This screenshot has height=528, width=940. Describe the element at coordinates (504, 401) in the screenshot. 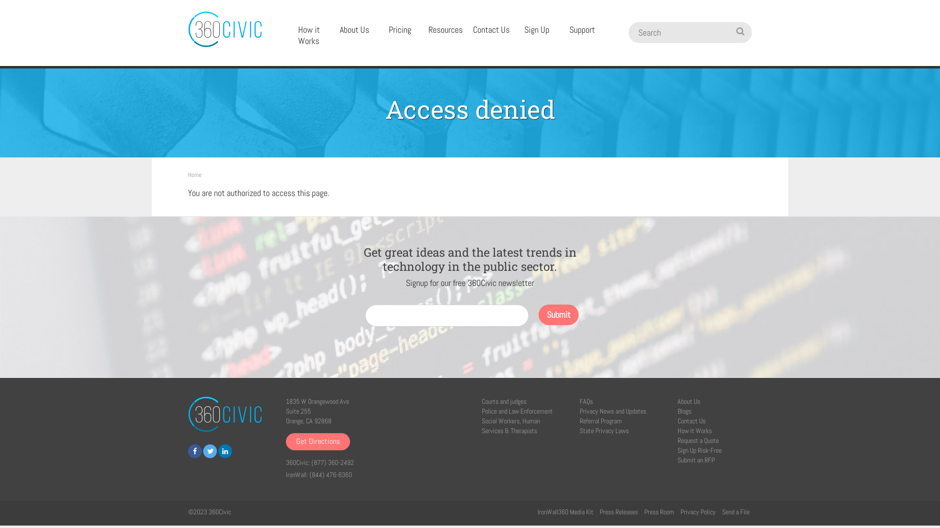

I see `'Courts and judges'` at that location.